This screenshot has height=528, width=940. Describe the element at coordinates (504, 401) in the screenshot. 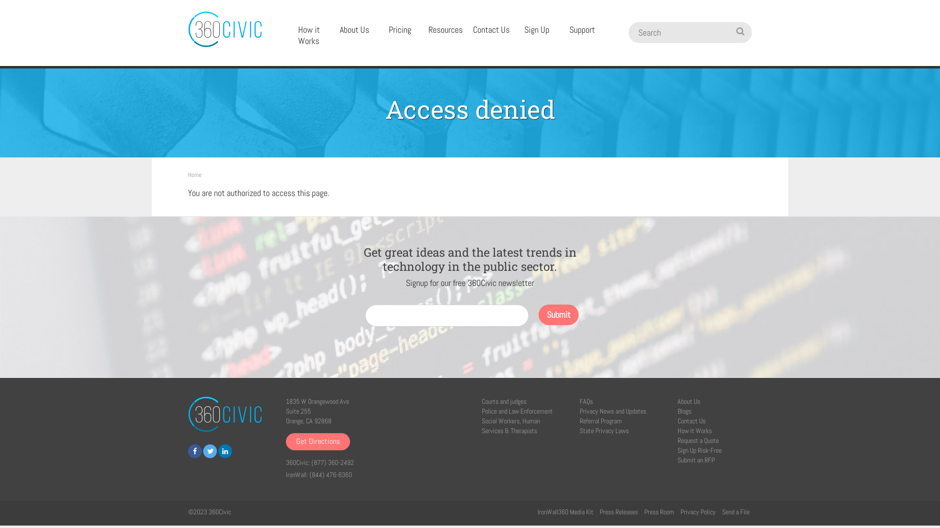

I see `'Courts and judges'` at that location.